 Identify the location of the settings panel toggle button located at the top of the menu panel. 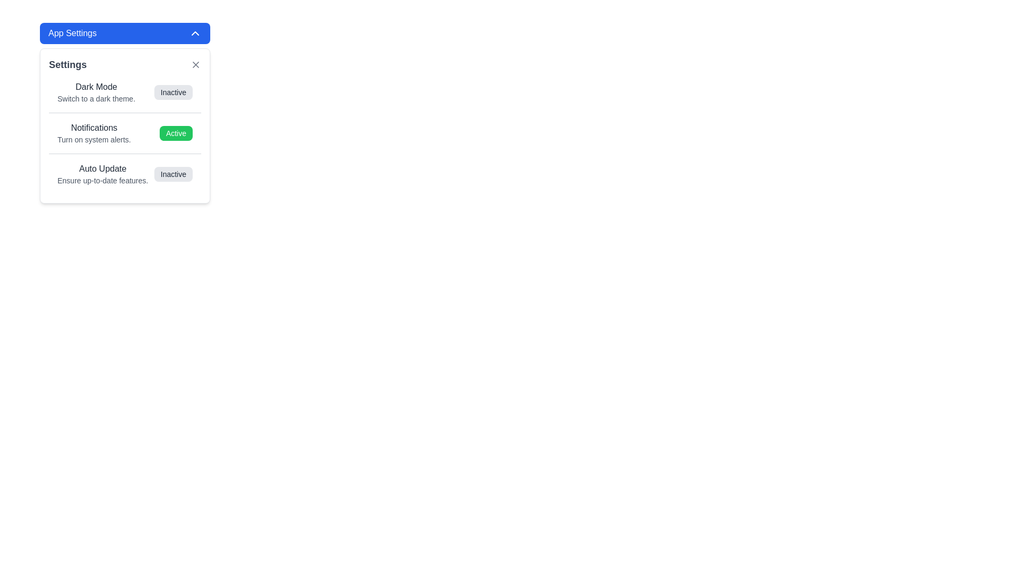
(125, 32).